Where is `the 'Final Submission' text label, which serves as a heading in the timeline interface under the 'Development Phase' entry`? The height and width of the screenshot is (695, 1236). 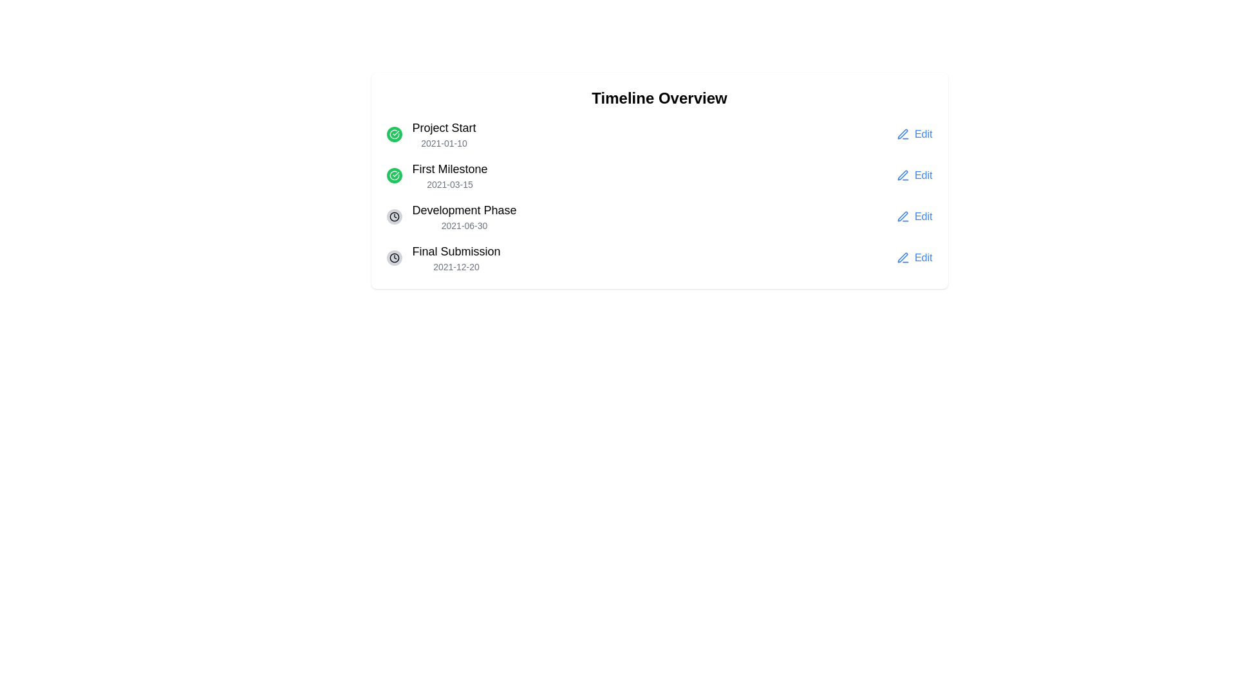 the 'Final Submission' text label, which serves as a heading in the timeline interface under the 'Development Phase' entry is located at coordinates (456, 251).